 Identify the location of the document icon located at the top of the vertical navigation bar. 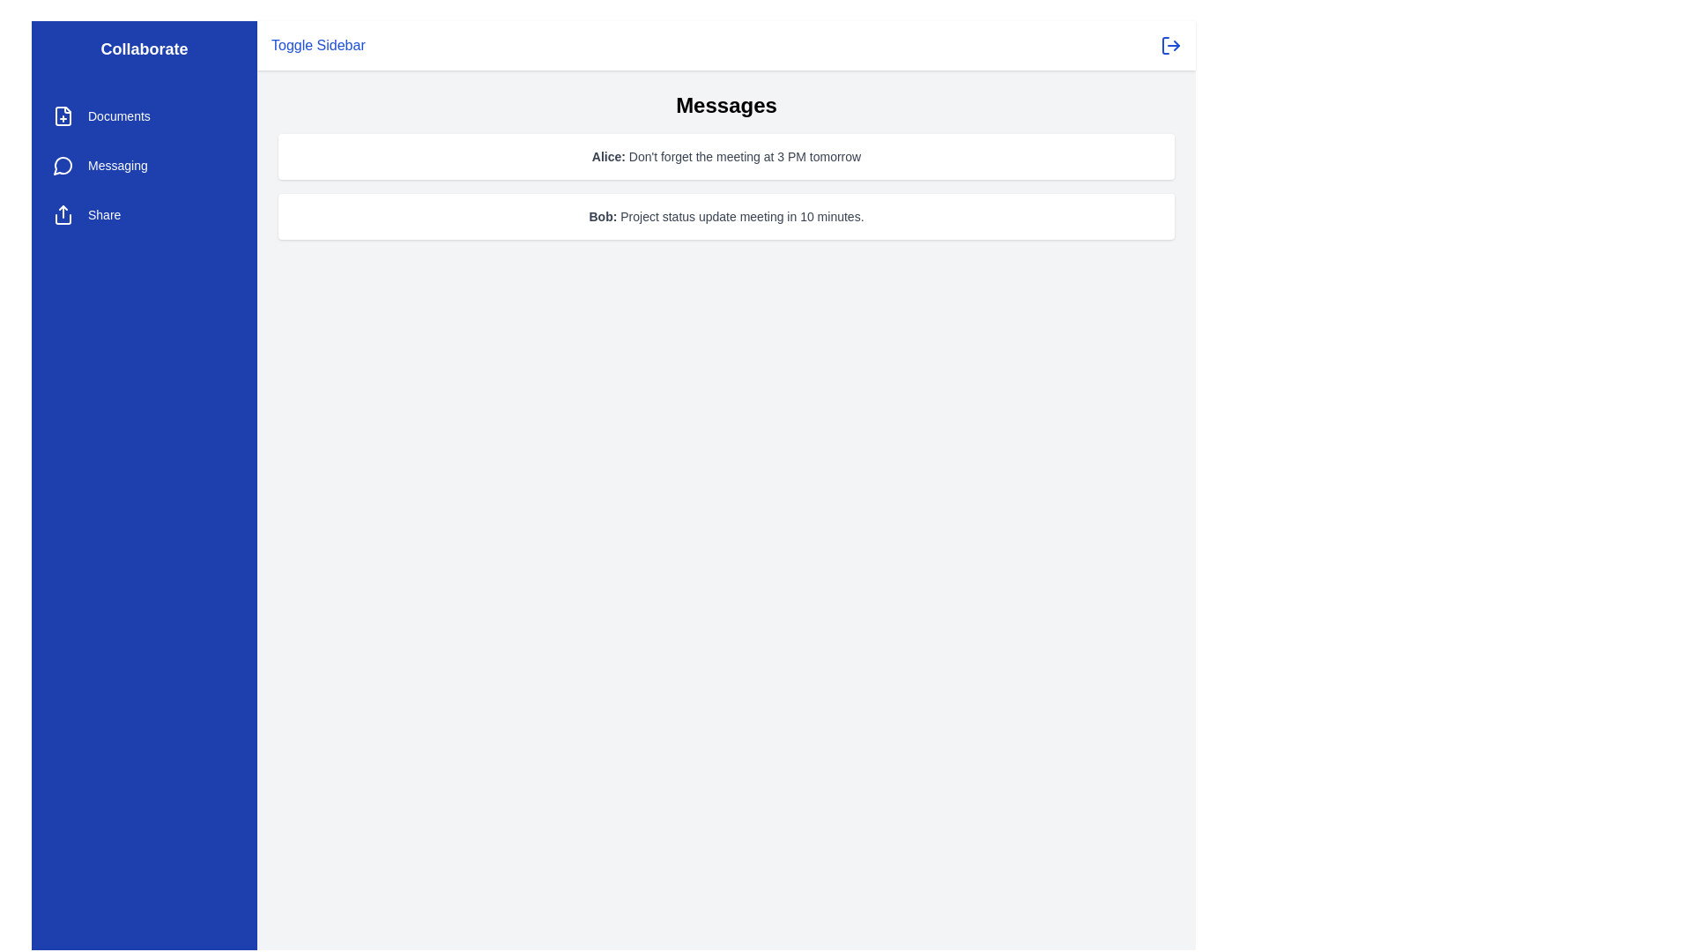
(63, 115).